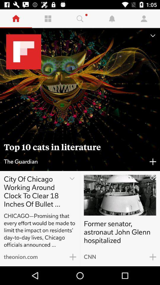  I want to click on the add icon, so click(73, 256).